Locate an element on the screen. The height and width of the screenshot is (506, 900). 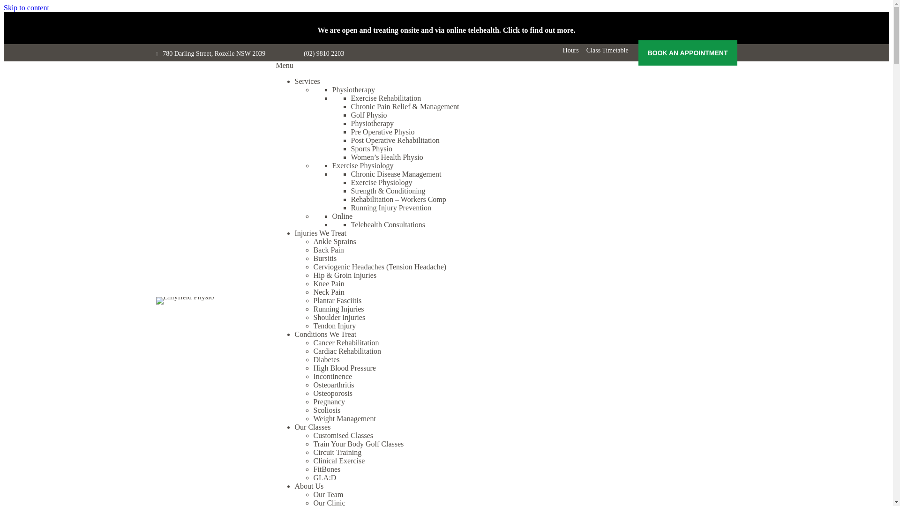
'Exercise Rehabilitation' is located at coordinates (350, 98).